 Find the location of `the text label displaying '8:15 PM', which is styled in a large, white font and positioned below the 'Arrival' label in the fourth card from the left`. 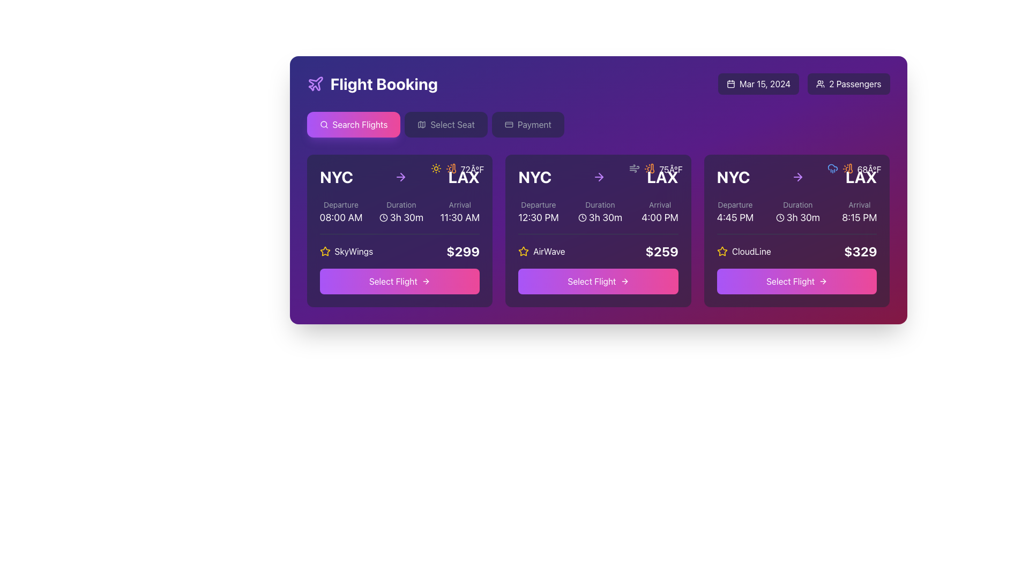

the text label displaying '8:15 PM', which is styled in a large, white font and positioned below the 'Arrival' label in the fourth card from the left is located at coordinates (859, 217).